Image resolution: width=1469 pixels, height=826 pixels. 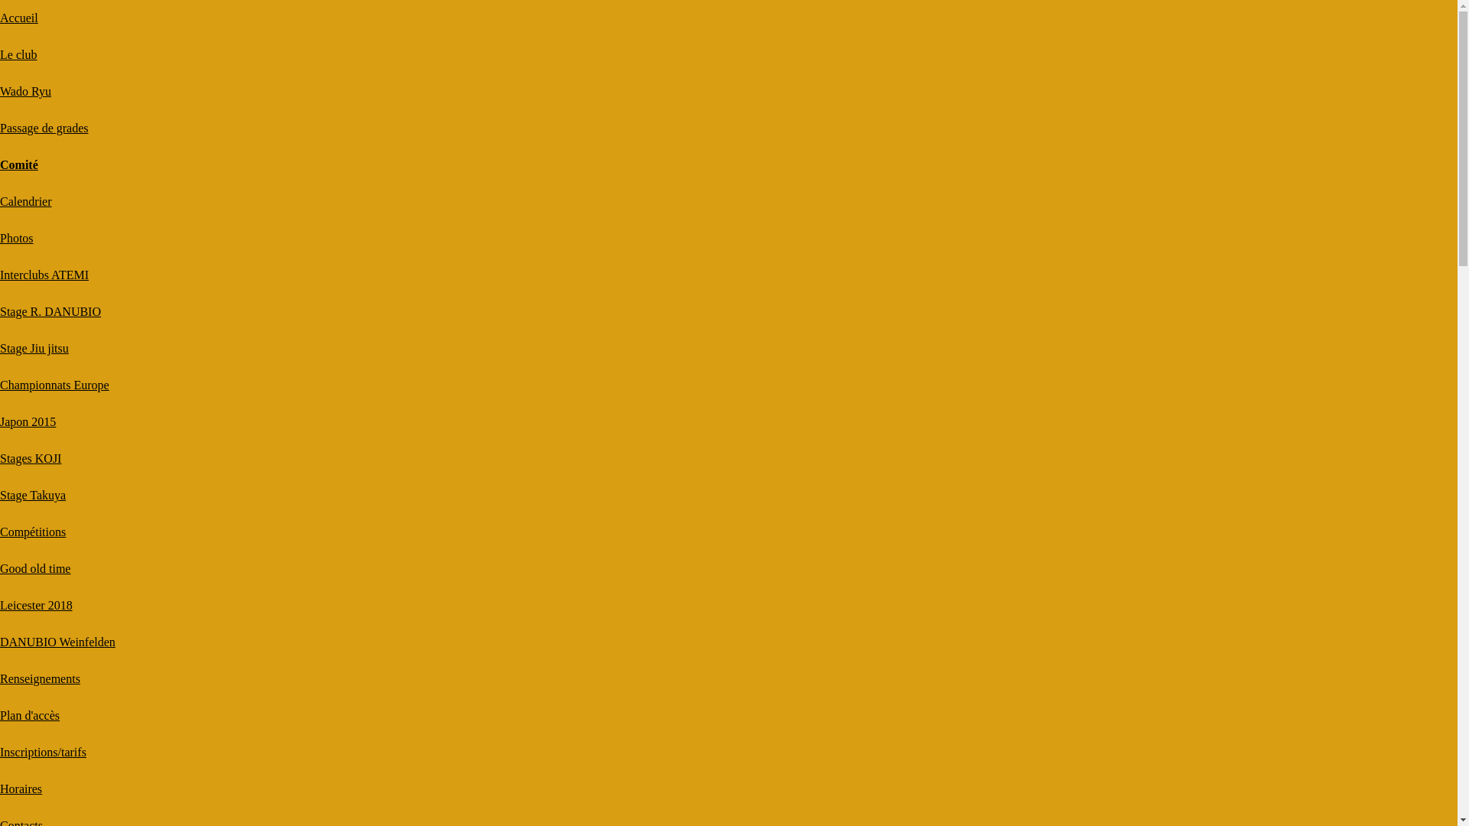 What do you see at coordinates (54, 384) in the screenshot?
I see `'Championnats Europe'` at bounding box center [54, 384].